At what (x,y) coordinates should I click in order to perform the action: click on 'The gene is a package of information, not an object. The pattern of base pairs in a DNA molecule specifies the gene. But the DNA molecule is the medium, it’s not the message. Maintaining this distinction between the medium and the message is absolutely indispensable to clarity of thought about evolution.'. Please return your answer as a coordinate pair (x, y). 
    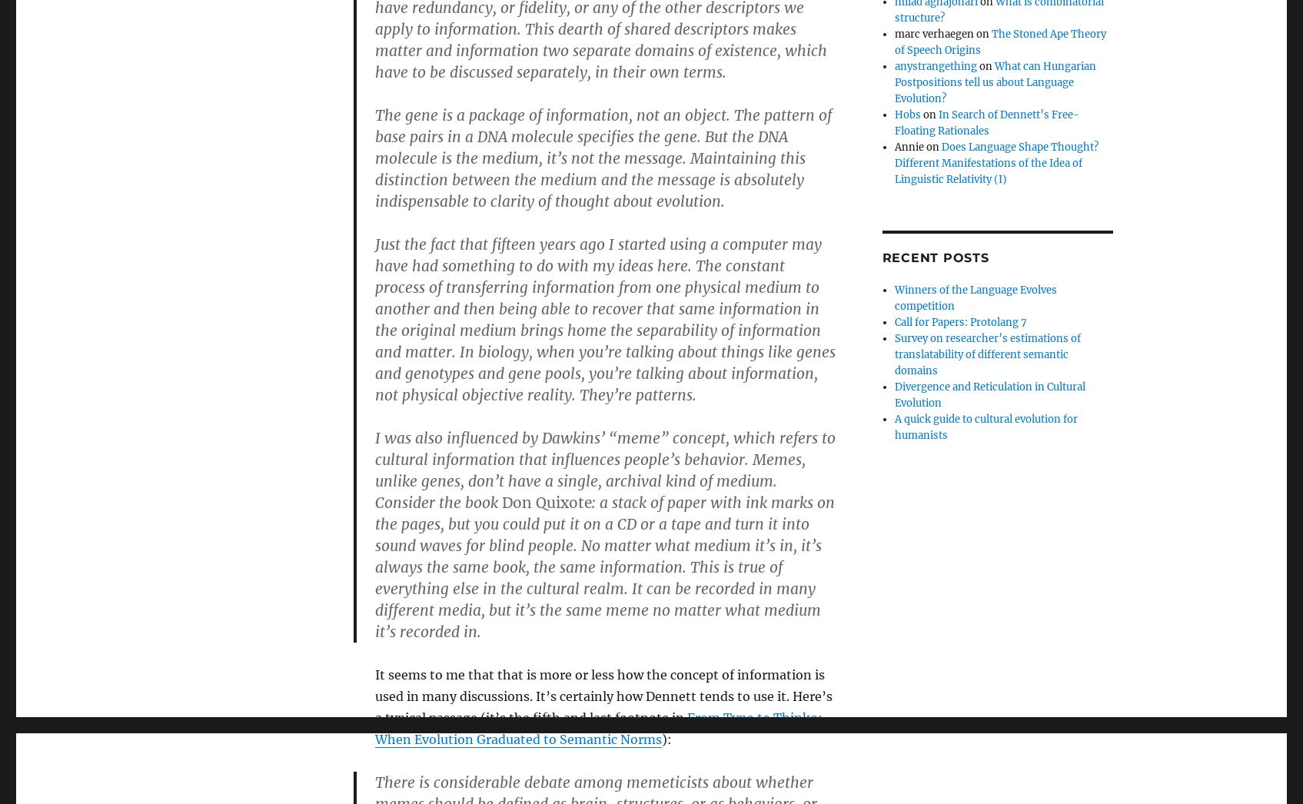
    Looking at the image, I should click on (602, 158).